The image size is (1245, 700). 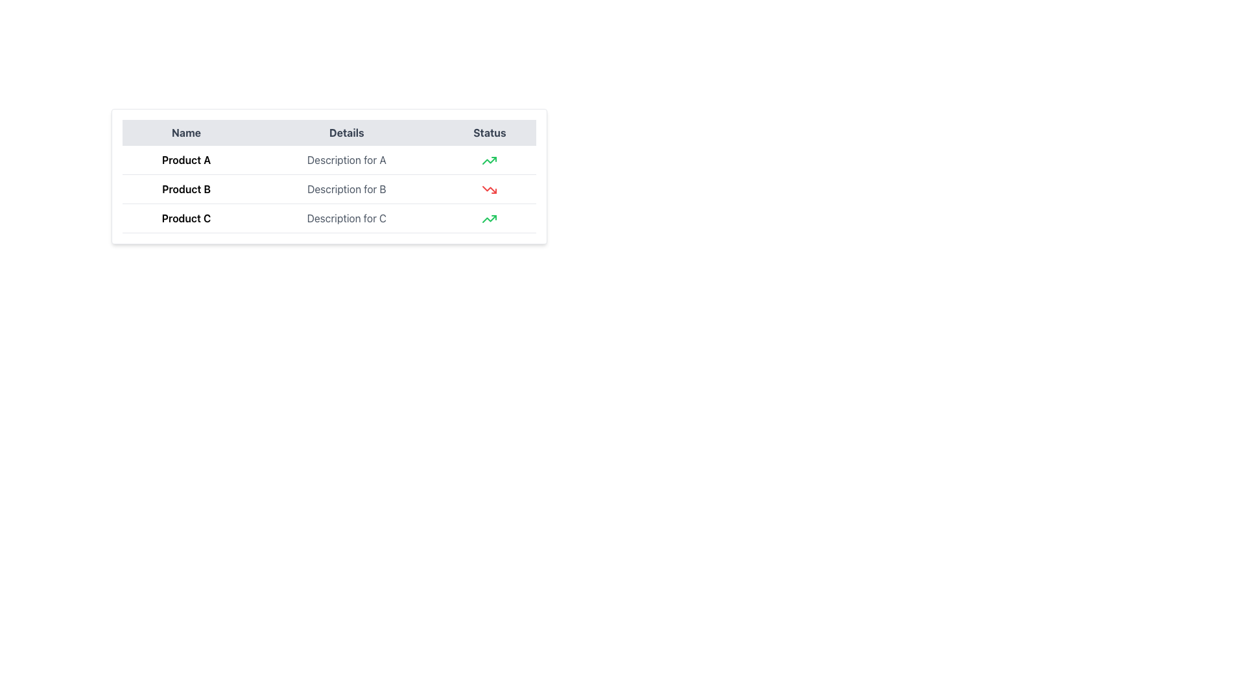 I want to click on the second row representing 'Product B' in the table, which contains its details and status indicator, so click(x=329, y=189).